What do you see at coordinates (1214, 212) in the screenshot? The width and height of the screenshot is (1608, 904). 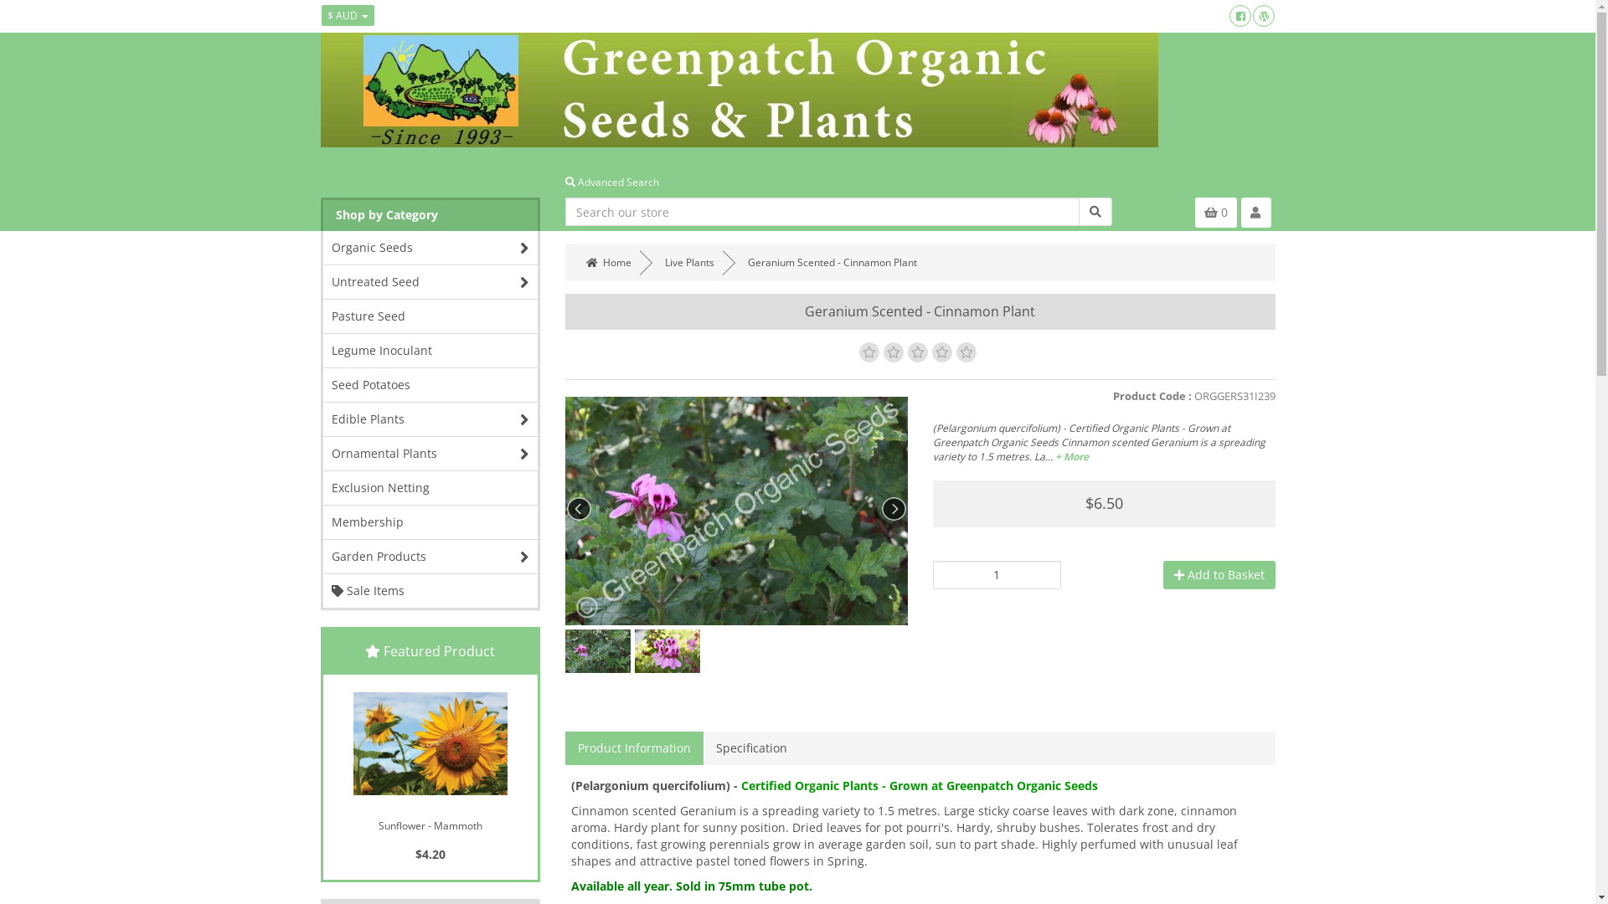 I see `'0'` at bounding box center [1214, 212].